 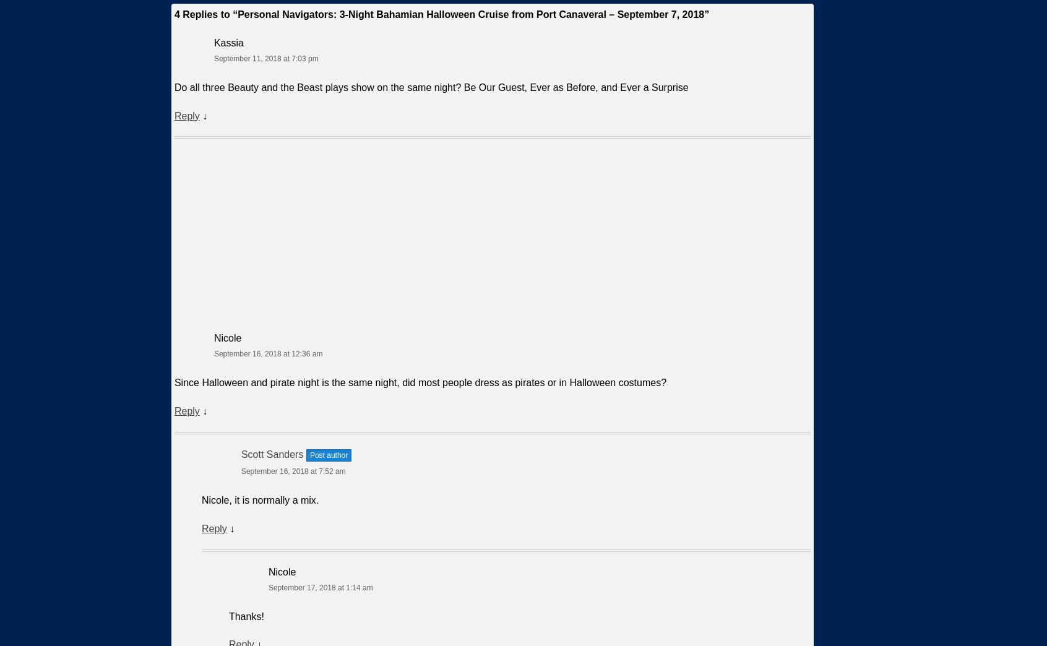 I want to click on 'September 16, 2018 at 7:52 am', so click(x=292, y=472).